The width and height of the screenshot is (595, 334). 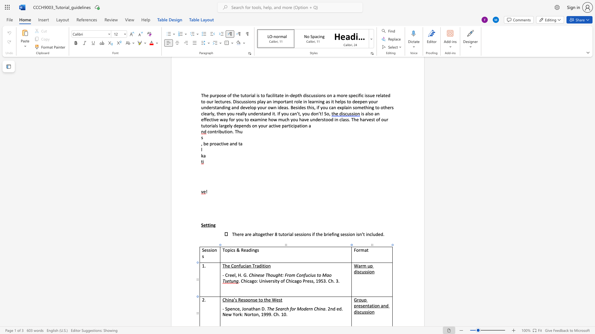 I want to click on the 3th character "s" in the text, so click(x=365, y=312).